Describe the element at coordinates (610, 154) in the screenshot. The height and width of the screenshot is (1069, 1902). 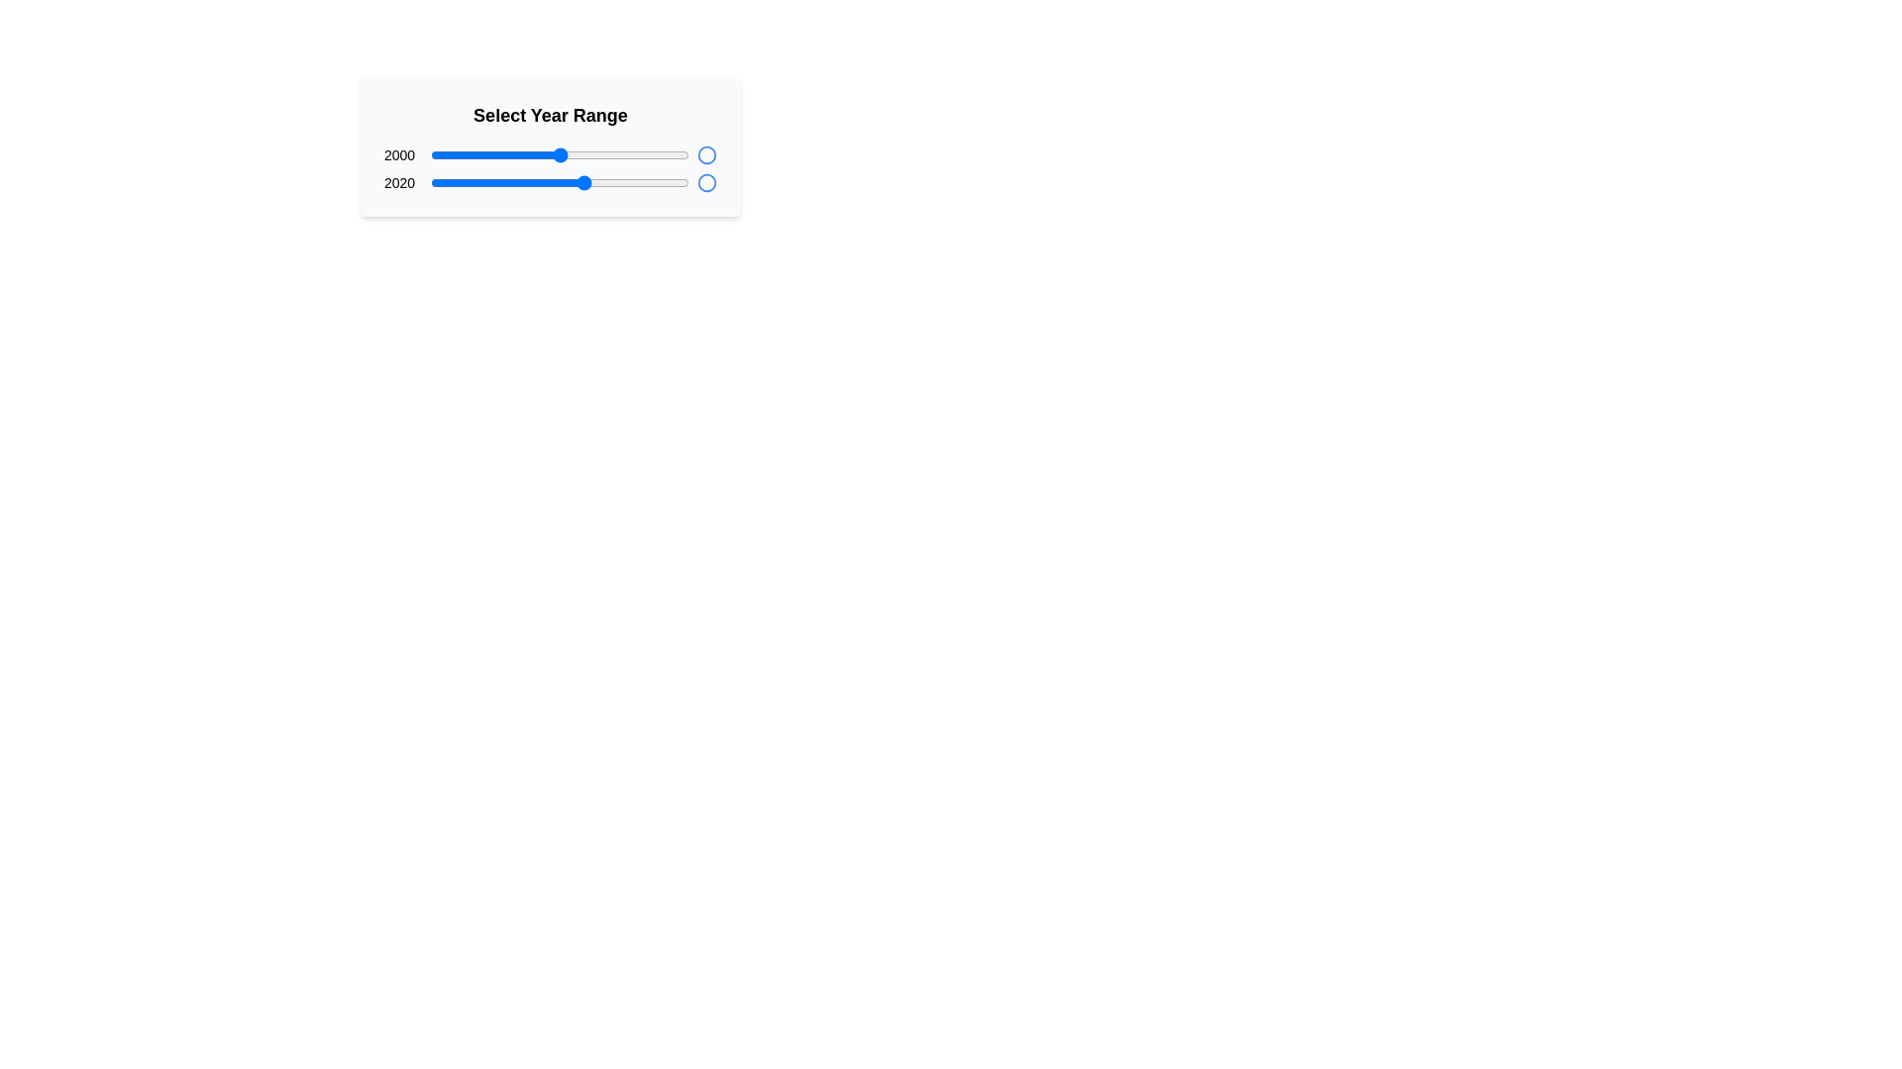
I see `the slider` at that location.